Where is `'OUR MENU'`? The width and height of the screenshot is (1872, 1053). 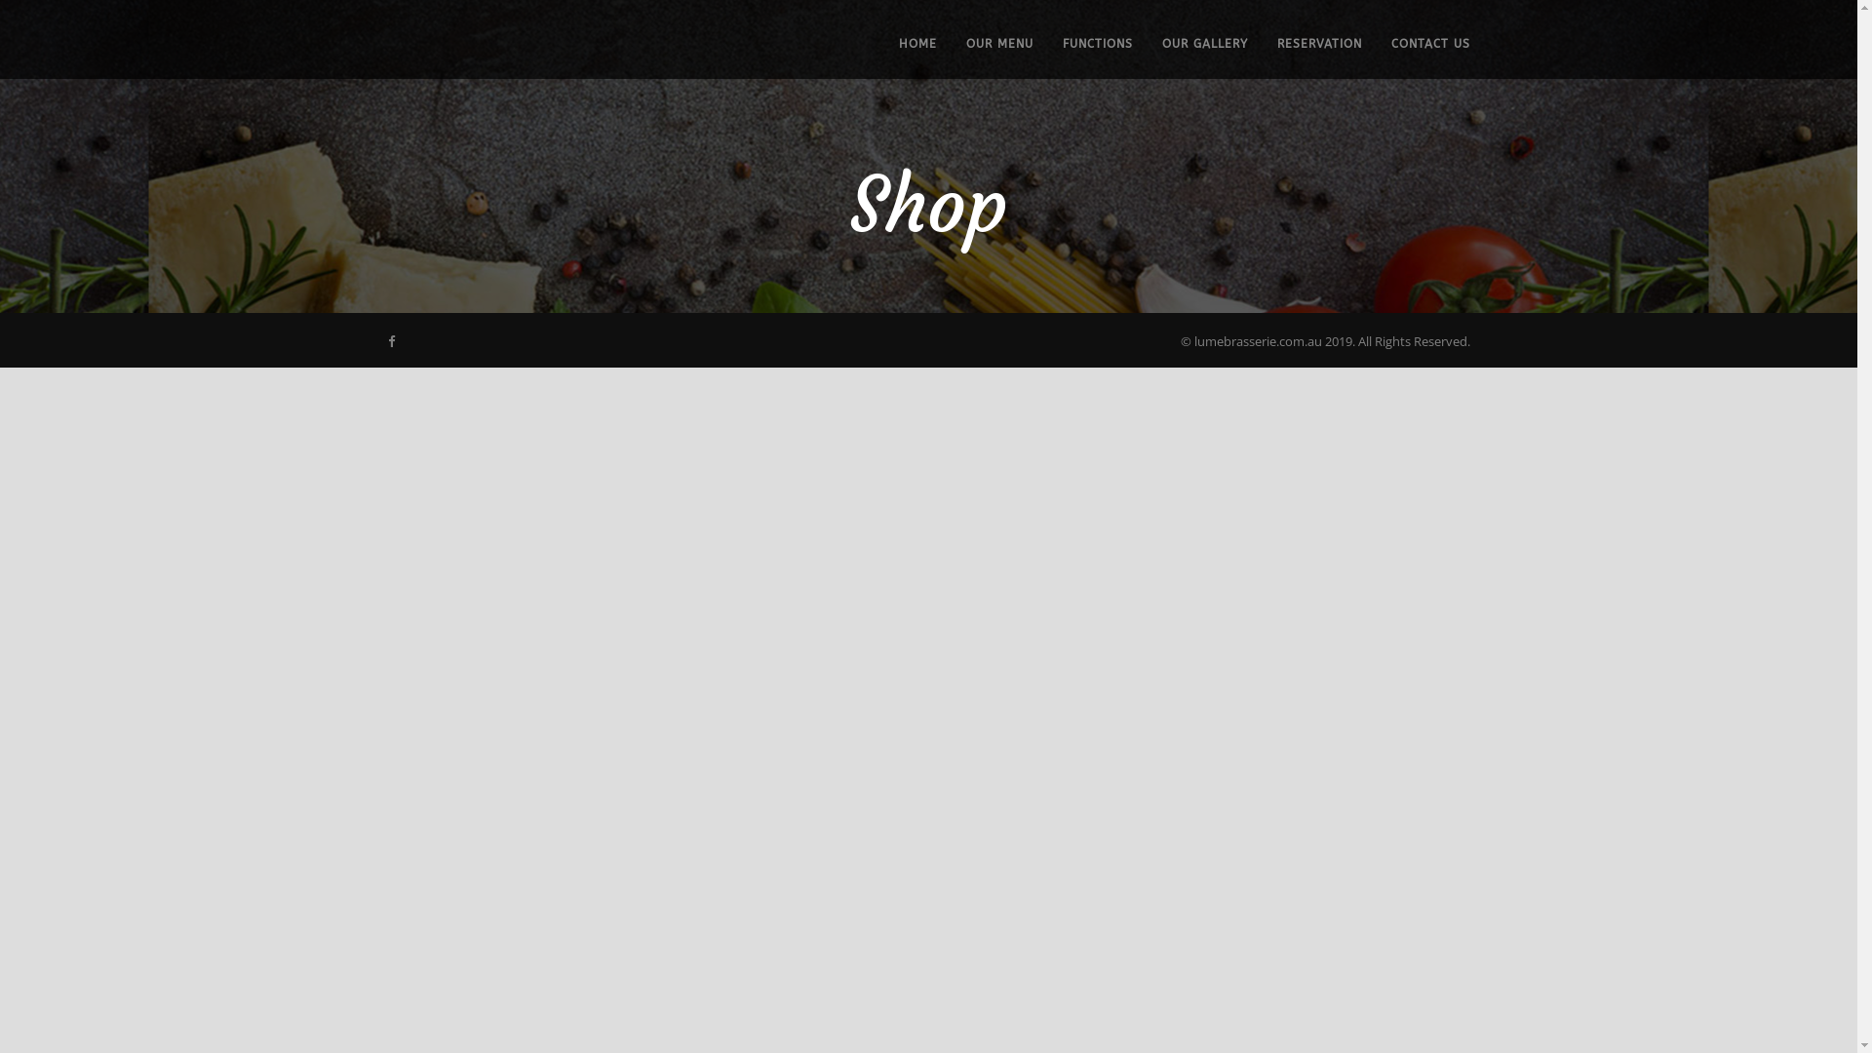
'OUR MENU' is located at coordinates (984, 55).